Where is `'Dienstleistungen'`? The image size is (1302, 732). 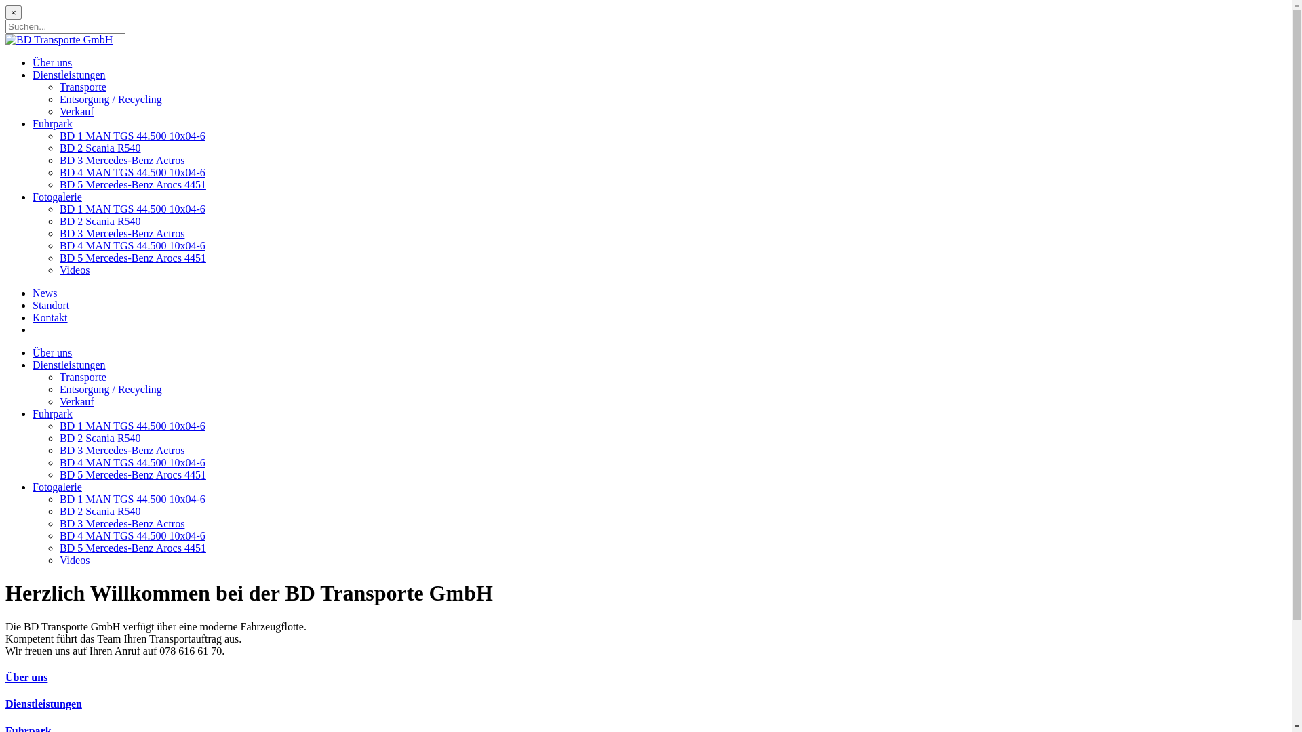 'Dienstleistungen' is located at coordinates (645, 703).